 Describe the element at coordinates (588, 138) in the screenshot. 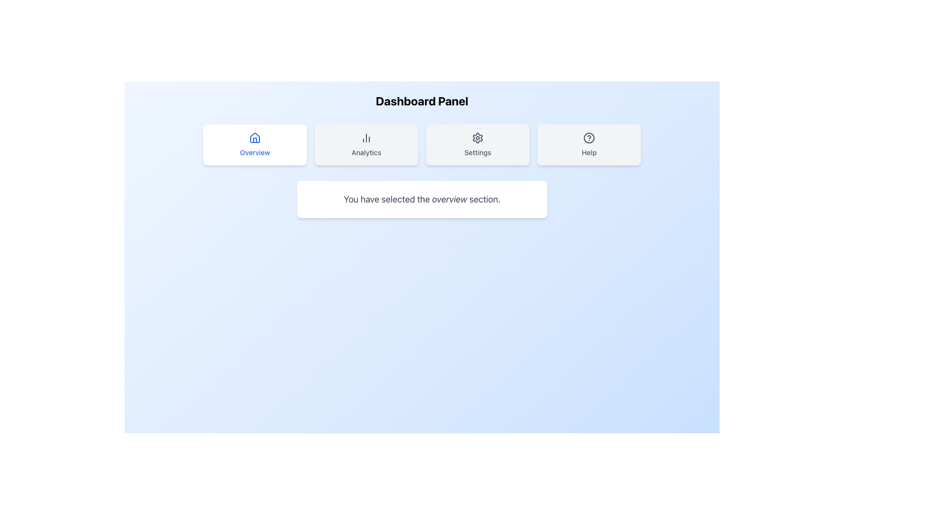

I see `the circular part of the 'Help' button icon located in the top-right section of the dashboard` at that location.